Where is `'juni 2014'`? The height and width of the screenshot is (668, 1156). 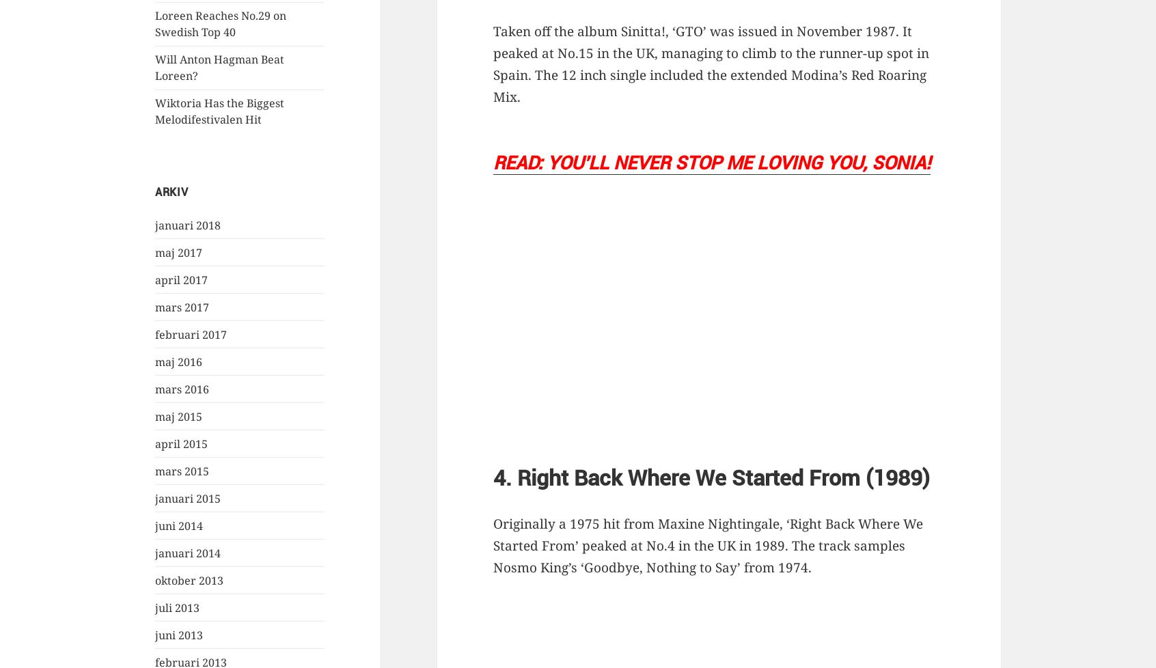
'juni 2014' is located at coordinates (178, 525).